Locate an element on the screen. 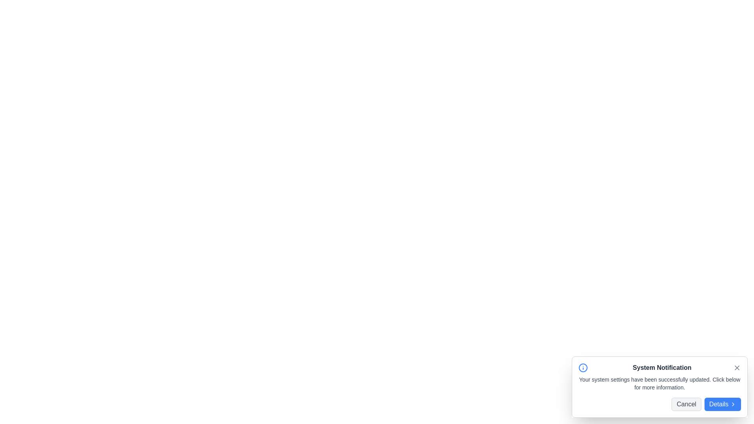 The image size is (754, 424). the text label within the button located in the lower-right corner of the notification dialog box, which indicates obtaining more information or proceeding to a detailed view is located at coordinates (719, 404).